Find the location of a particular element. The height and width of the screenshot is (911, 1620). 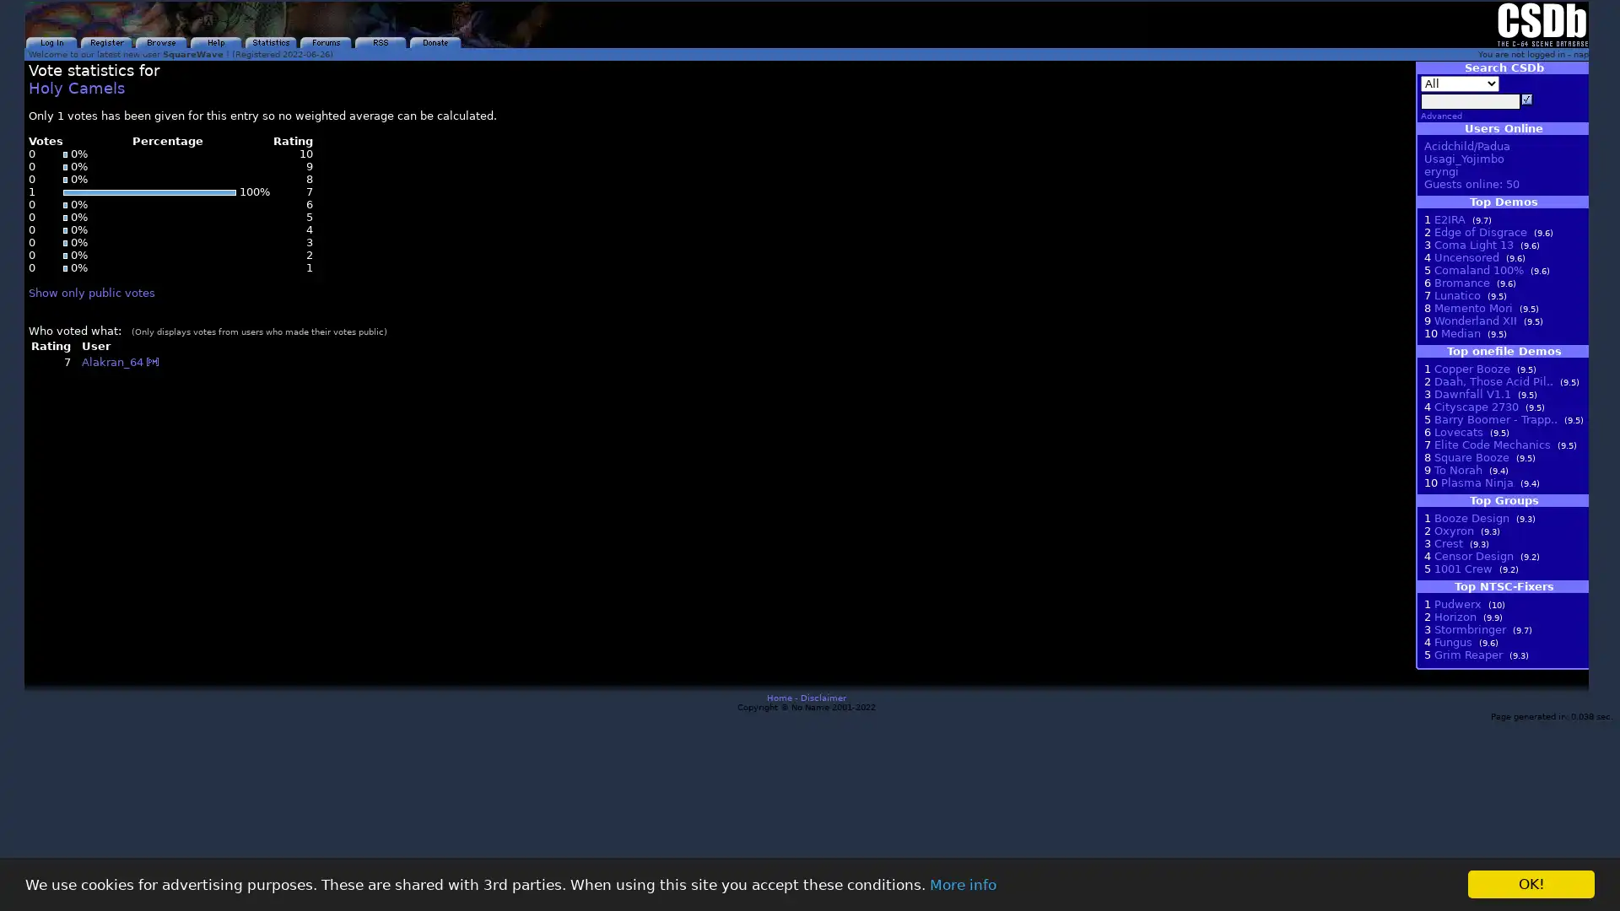

Go is located at coordinates (1526, 100).